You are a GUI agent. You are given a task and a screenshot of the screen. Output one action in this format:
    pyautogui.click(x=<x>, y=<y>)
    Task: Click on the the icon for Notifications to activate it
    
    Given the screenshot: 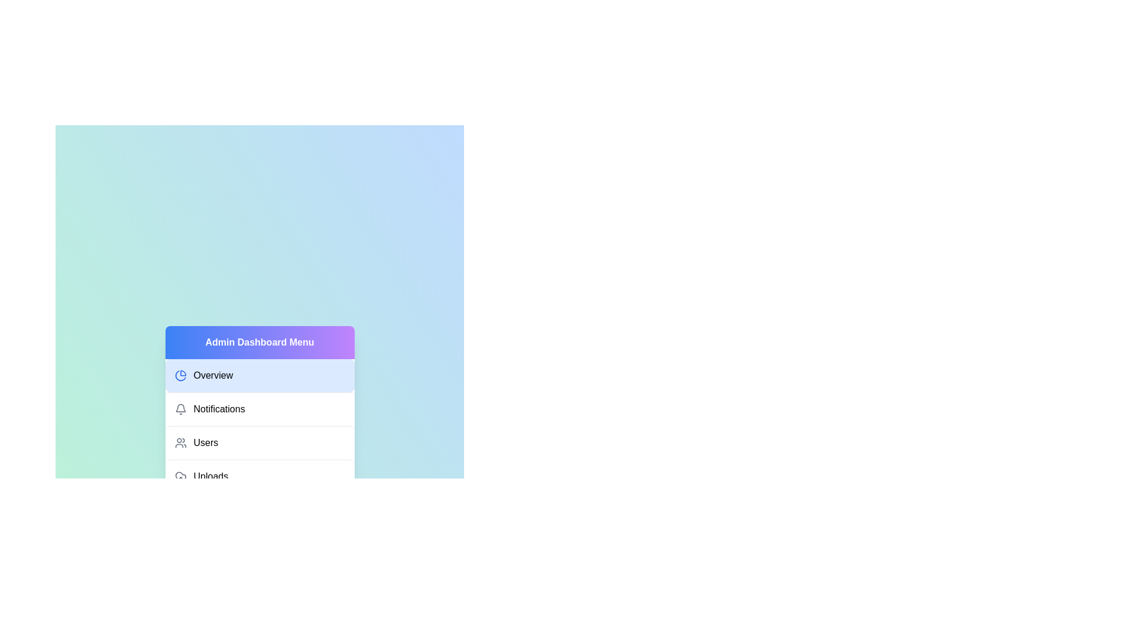 What is the action you would take?
    pyautogui.click(x=180, y=409)
    